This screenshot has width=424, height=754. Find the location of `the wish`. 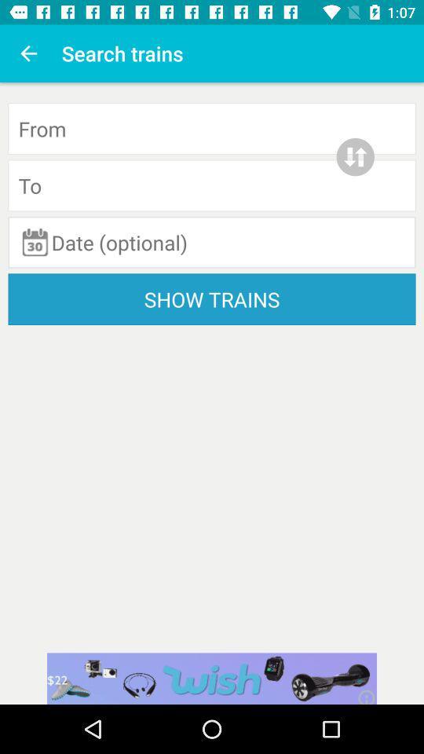

the wish is located at coordinates (212, 678).